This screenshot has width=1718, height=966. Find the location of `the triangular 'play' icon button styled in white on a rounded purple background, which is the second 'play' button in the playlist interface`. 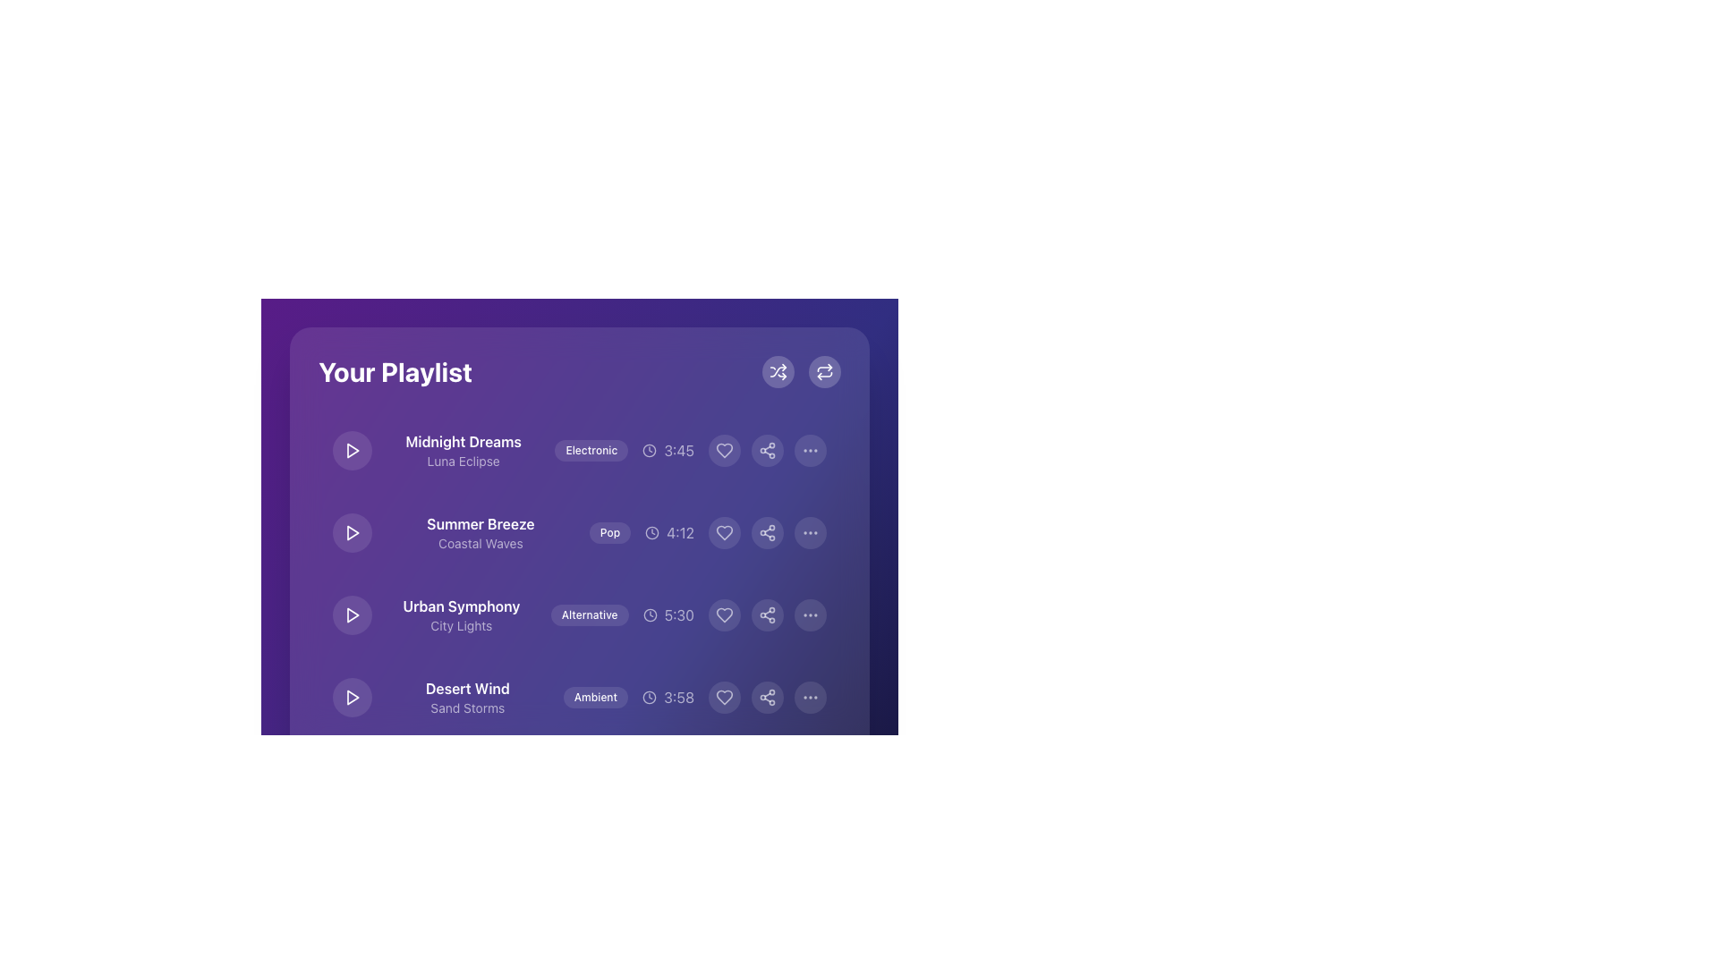

the triangular 'play' icon button styled in white on a rounded purple background, which is the second 'play' button in the playlist interface is located at coordinates (352, 532).